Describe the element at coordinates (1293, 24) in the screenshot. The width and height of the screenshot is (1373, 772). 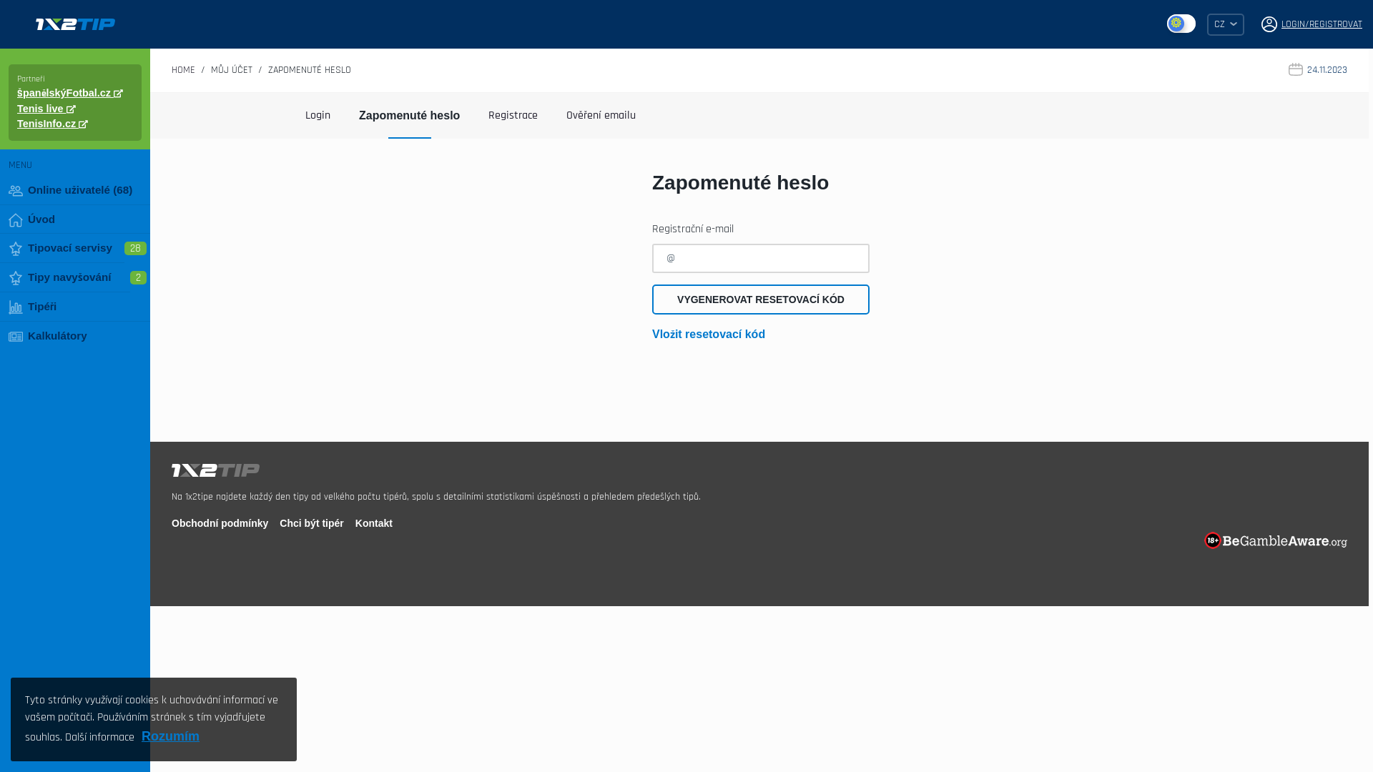
I see `'LOGIN'` at that location.